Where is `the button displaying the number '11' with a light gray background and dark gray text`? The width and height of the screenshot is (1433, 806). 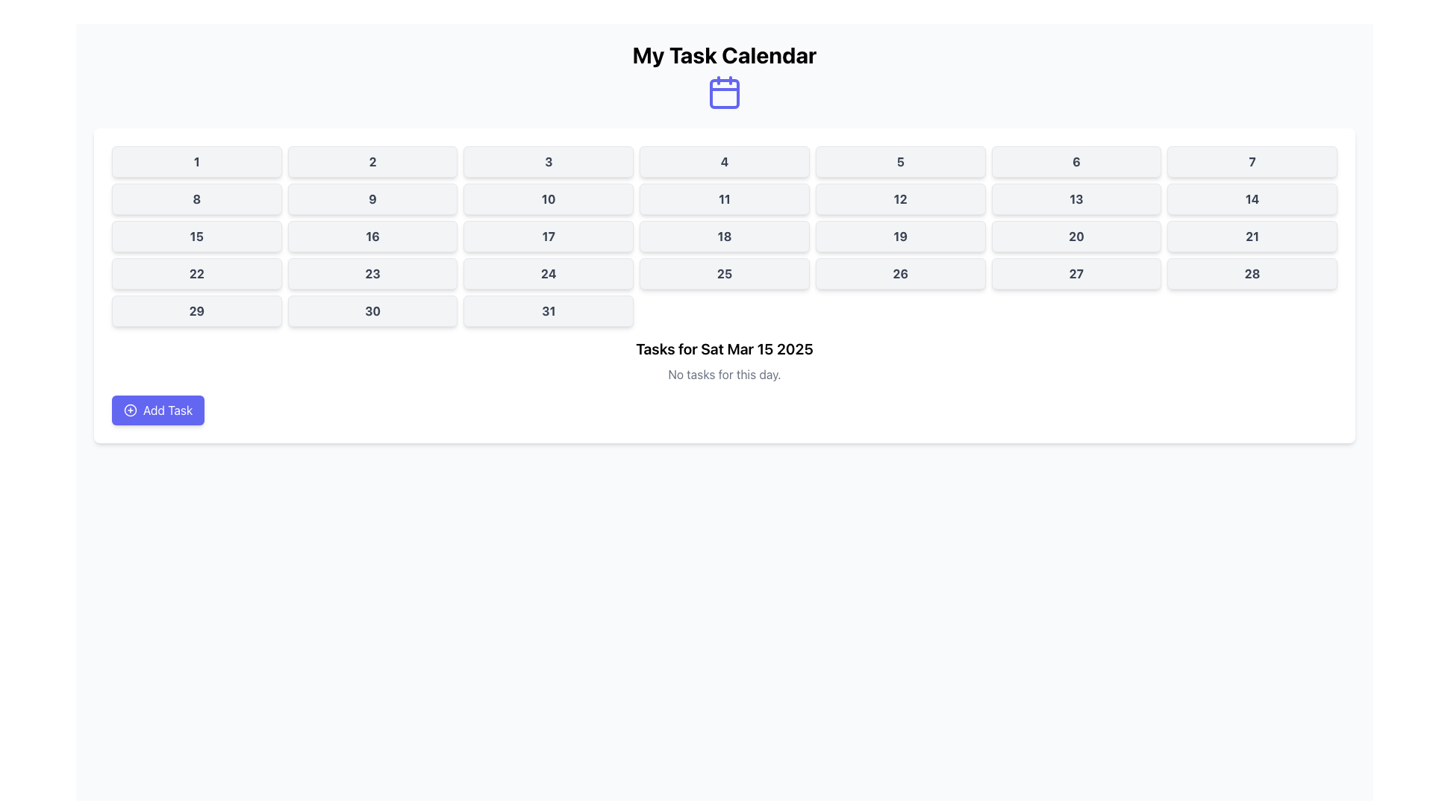 the button displaying the number '11' with a light gray background and dark gray text is located at coordinates (724, 198).